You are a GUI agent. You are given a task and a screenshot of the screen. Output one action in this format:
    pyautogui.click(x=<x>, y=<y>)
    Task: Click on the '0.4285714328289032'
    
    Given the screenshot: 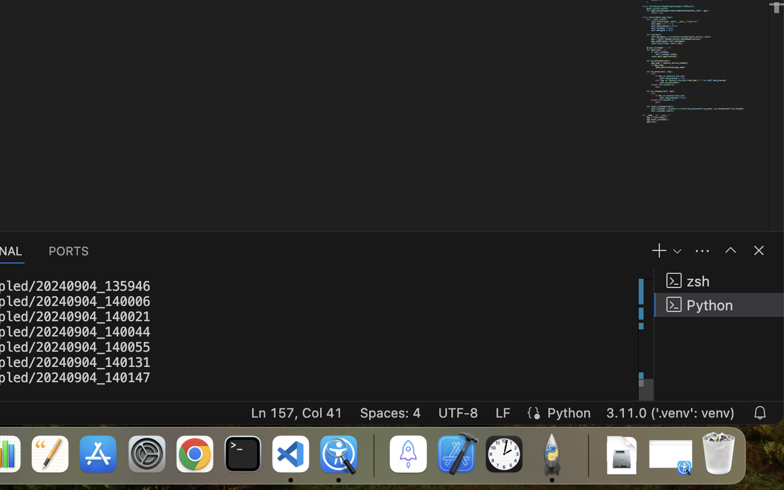 What is the action you would take?
    pyautogui.click(x=373, y=455)
    